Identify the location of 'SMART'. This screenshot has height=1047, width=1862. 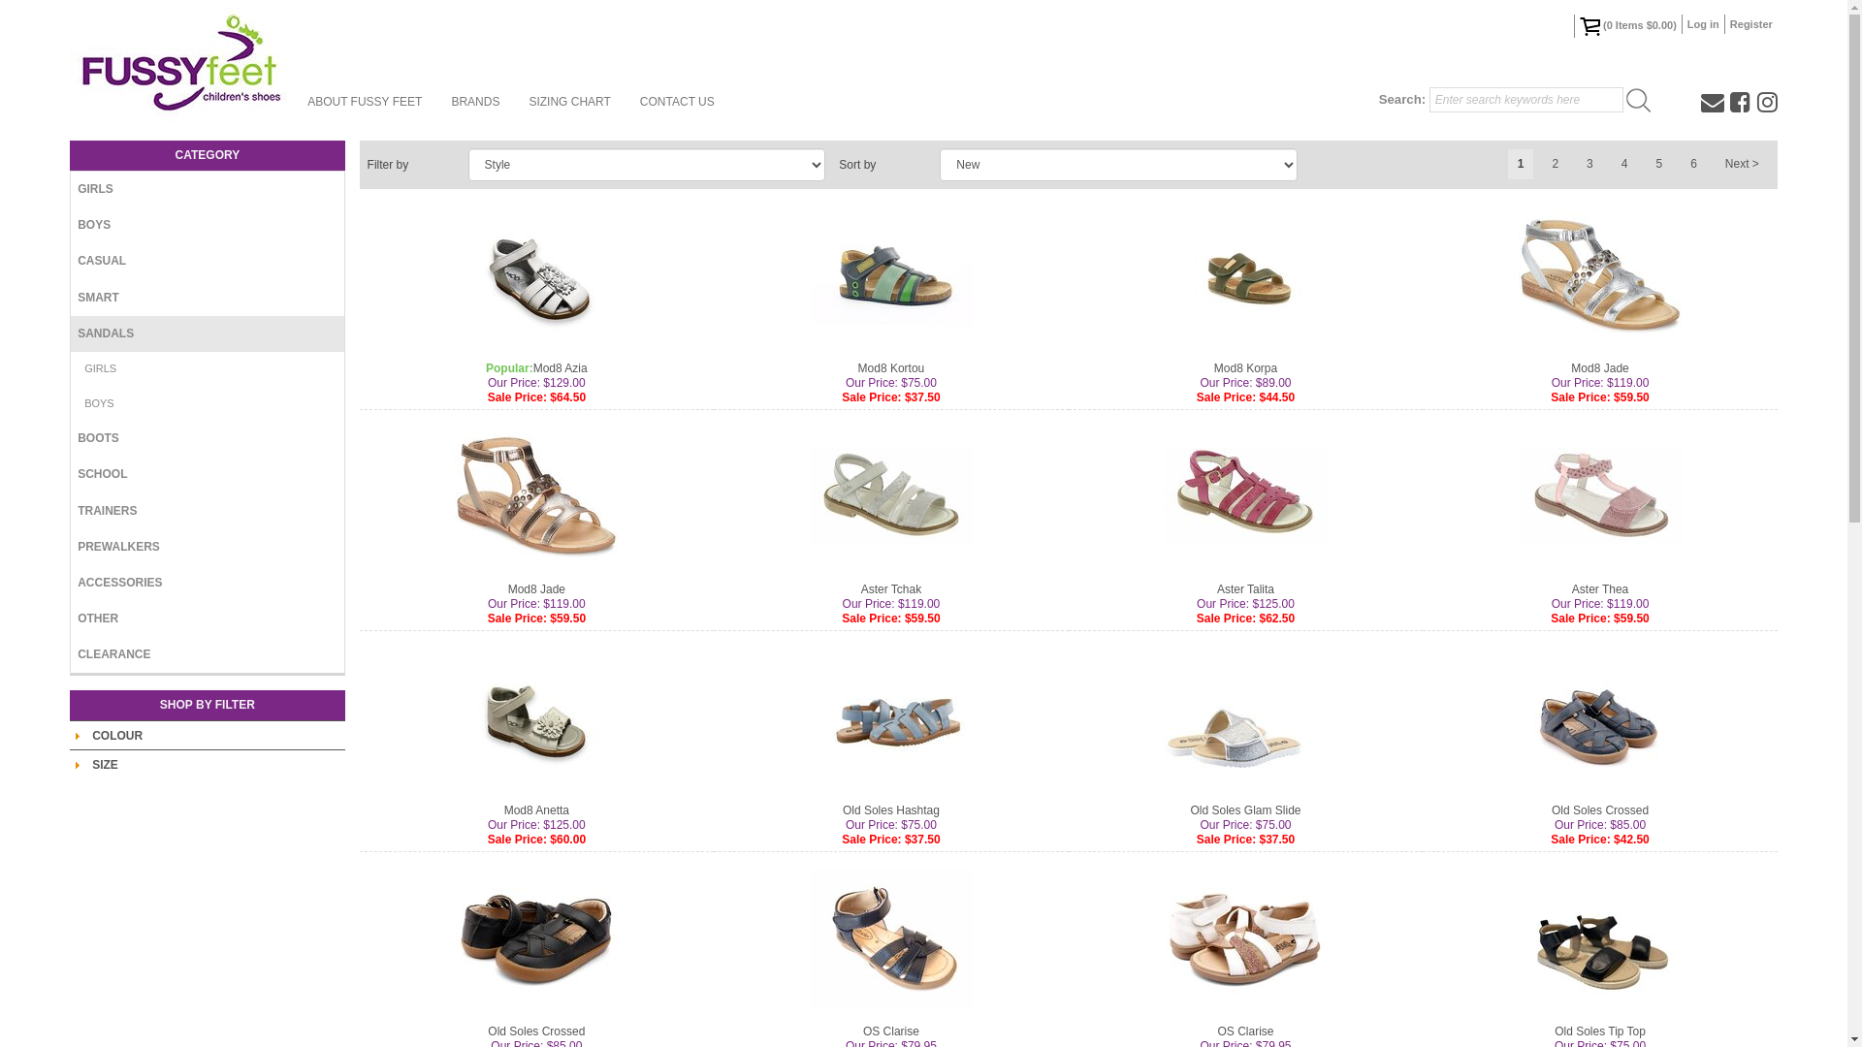
(207, 298).